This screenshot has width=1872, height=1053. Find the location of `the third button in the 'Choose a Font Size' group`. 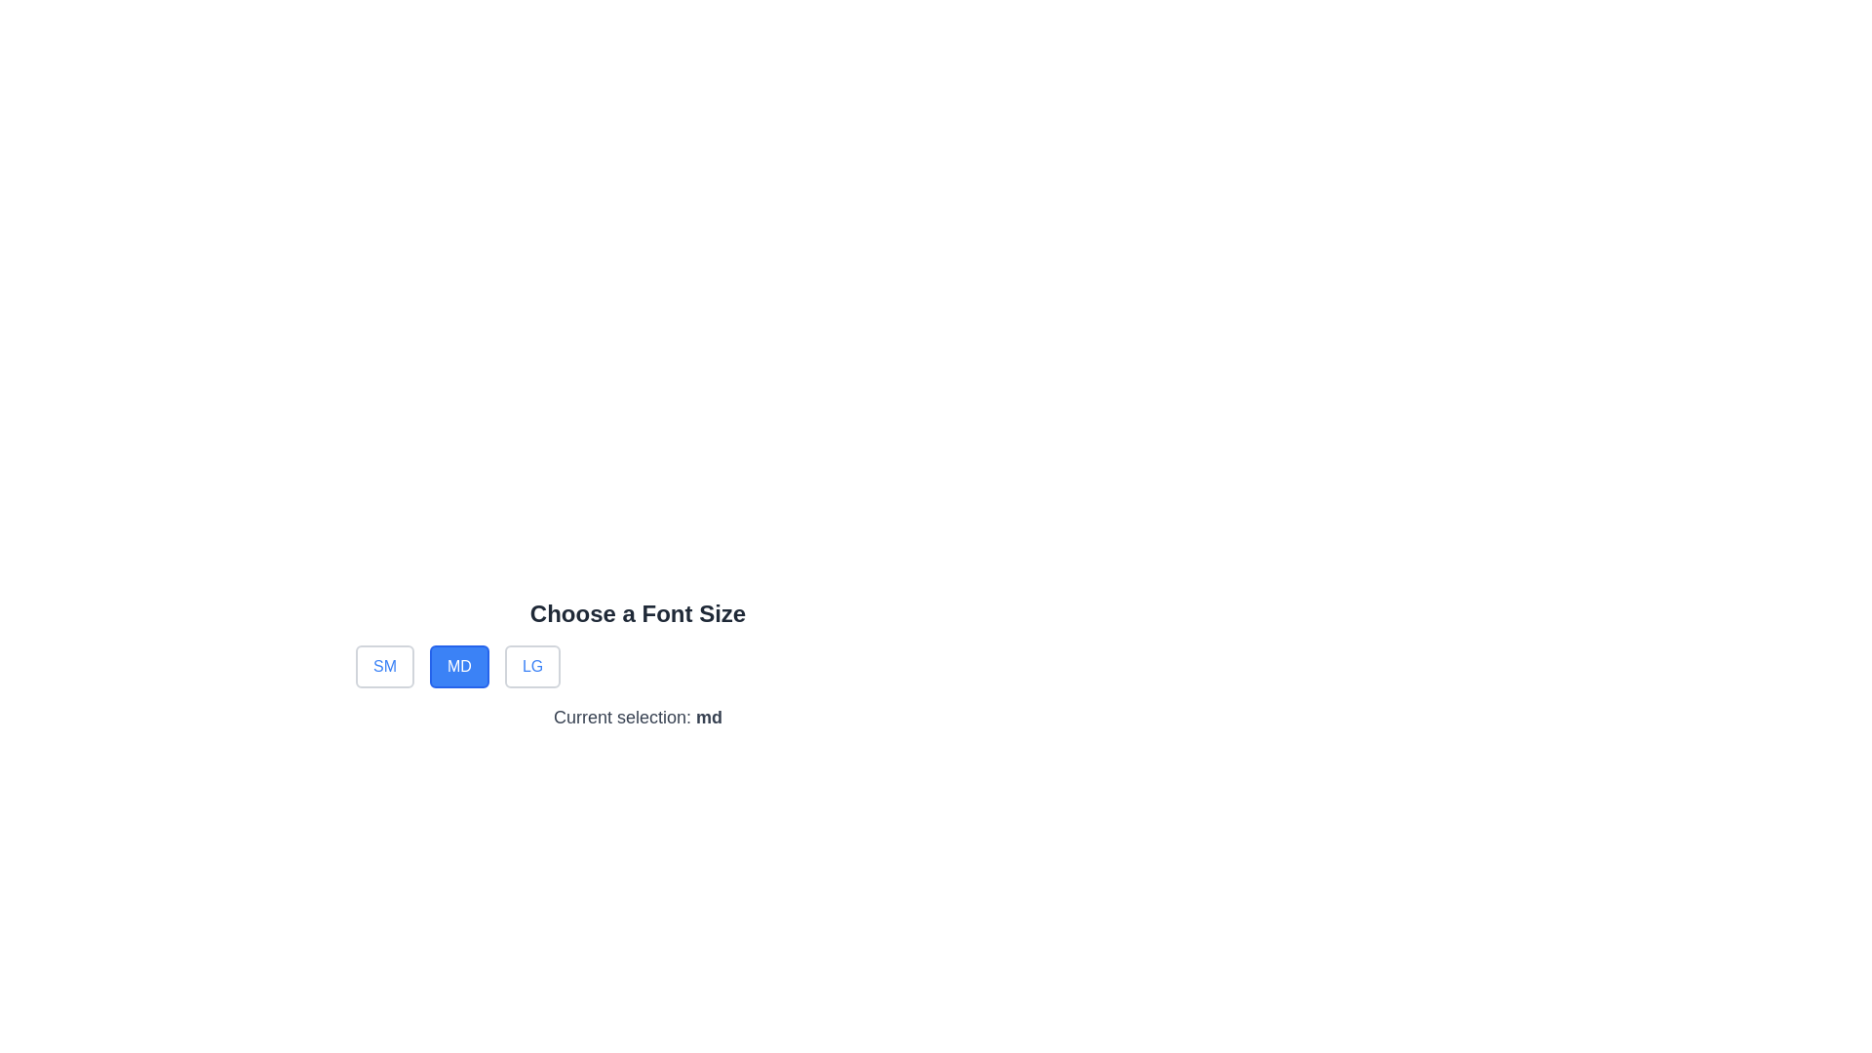

the third button in the 'Choose a Font Size' group is located at coordinates (532, 665).